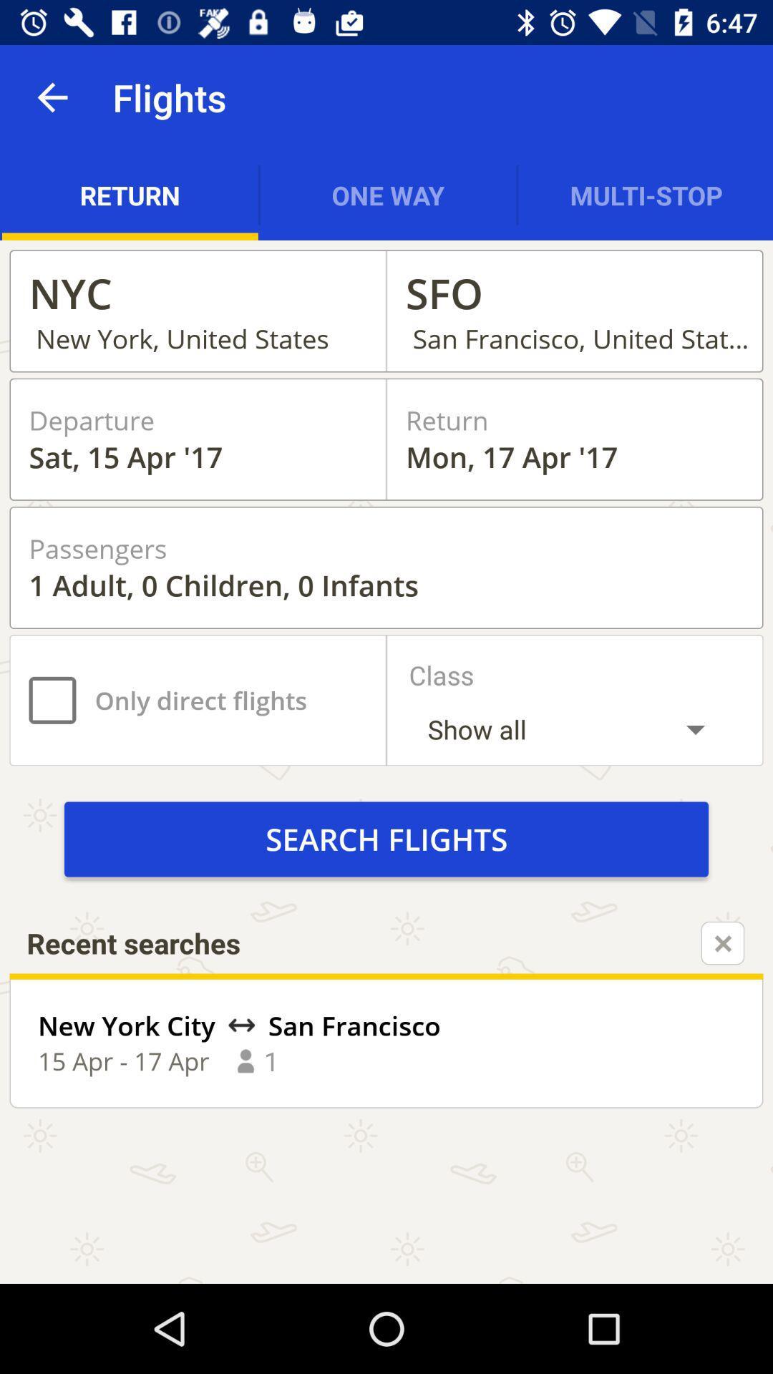 The image size is (773, 1374). What do you see at coordinates (722, 943) in the screenshot?
I see `cancel recent searches` at bounding box center [722, 943].